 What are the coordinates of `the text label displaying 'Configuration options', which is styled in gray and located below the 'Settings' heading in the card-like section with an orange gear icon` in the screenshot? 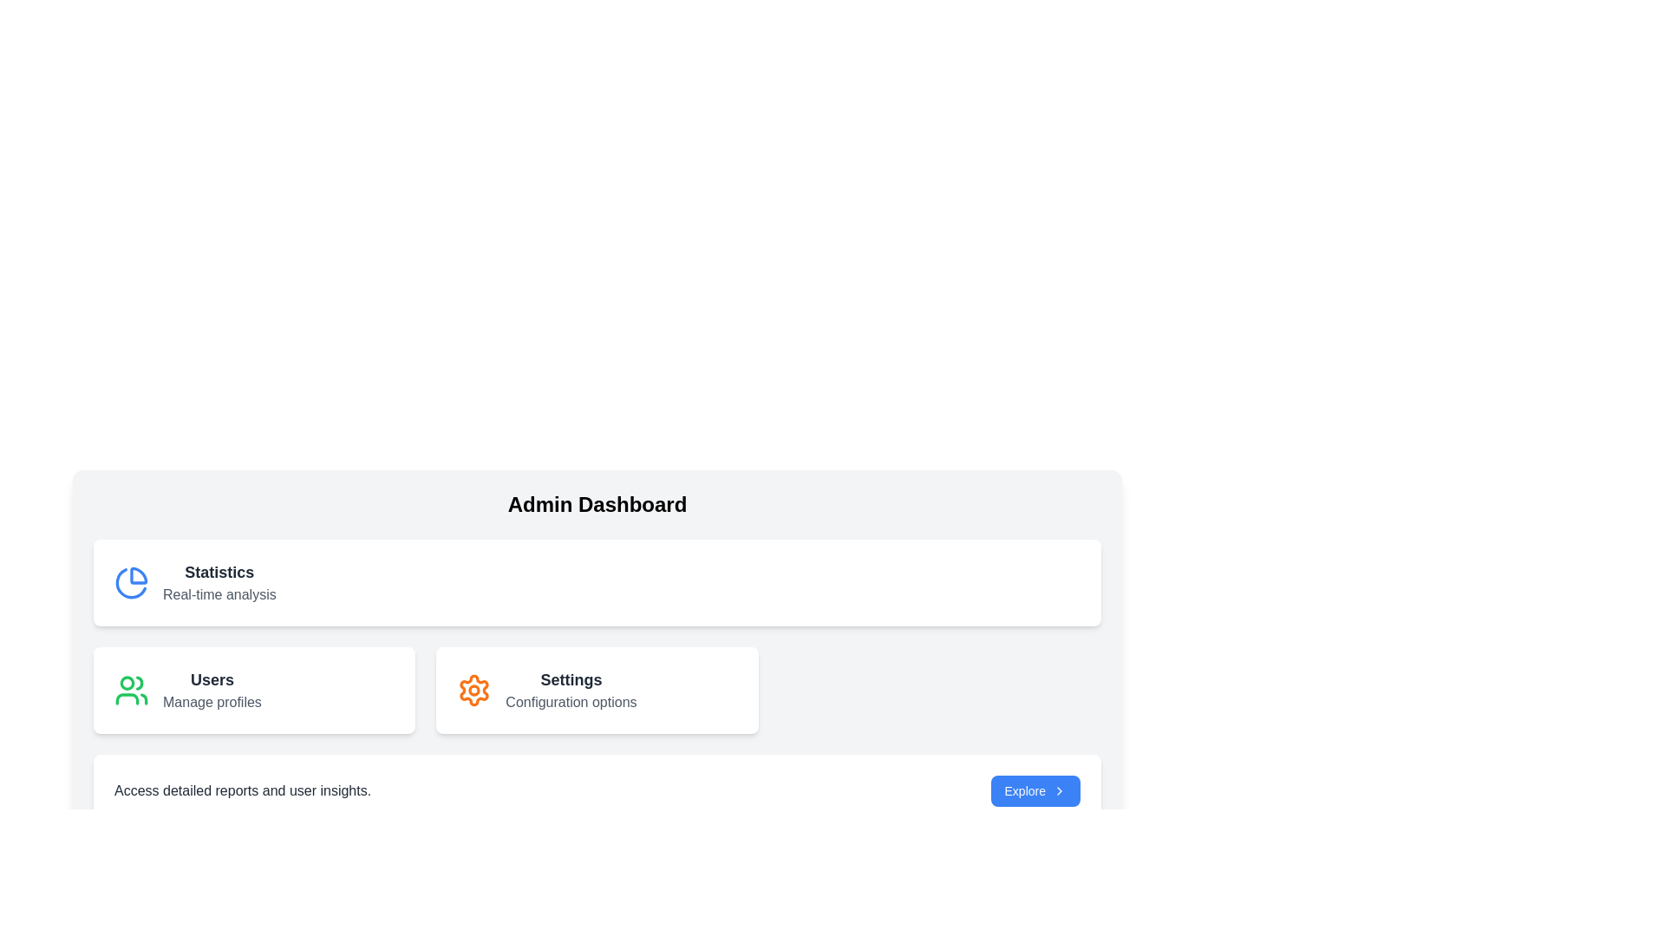 It's located at (571, 703).